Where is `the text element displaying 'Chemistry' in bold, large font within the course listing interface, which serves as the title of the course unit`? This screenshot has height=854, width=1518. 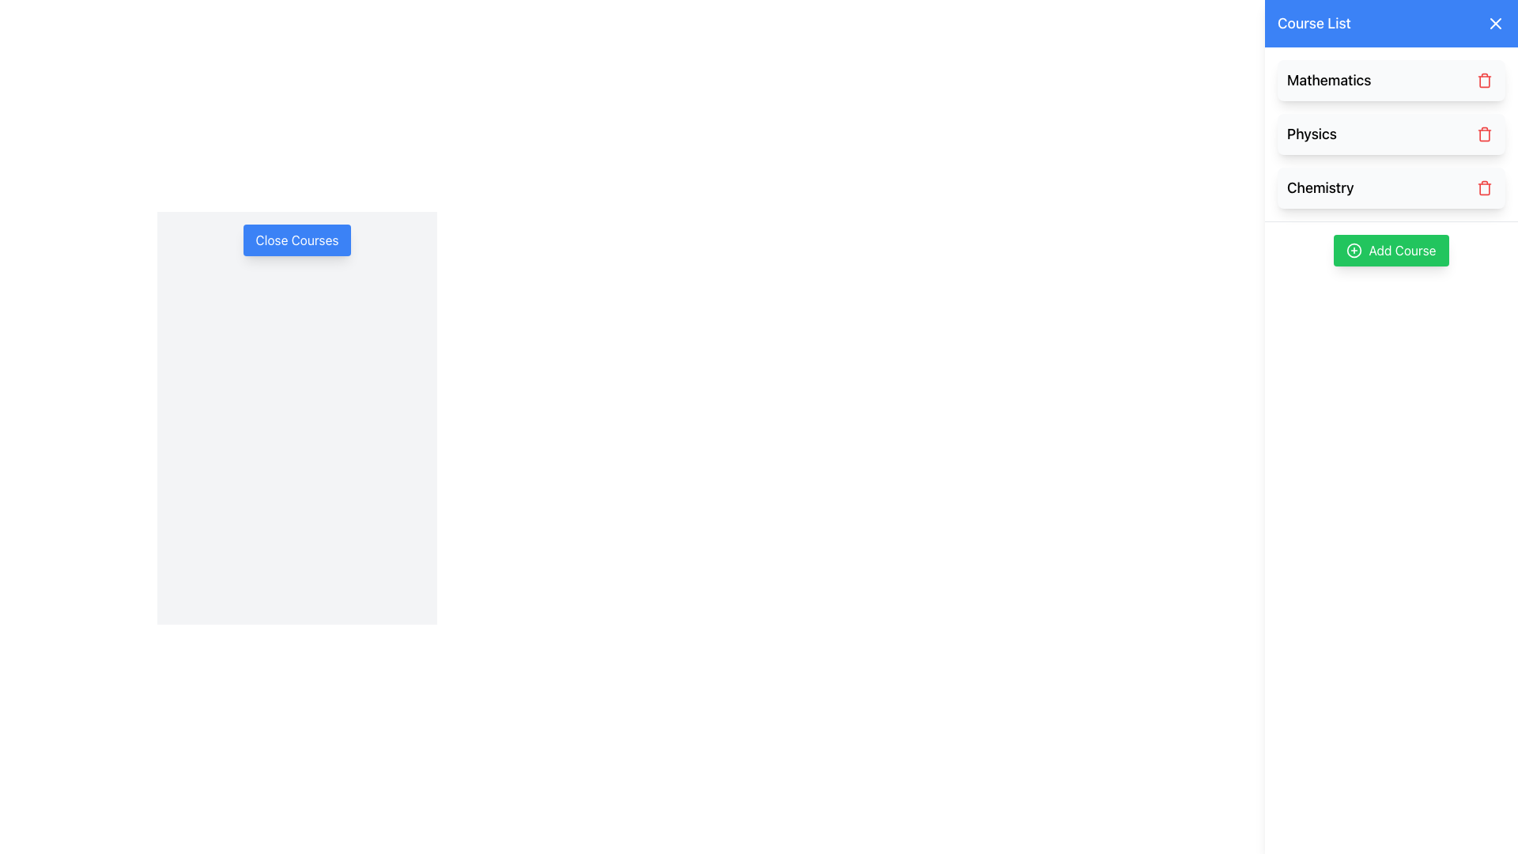 the text element displaying 'Chemistry' in bold, large font within the course listing interface, which serves as the title of the course unit is located at coordinates (1320, 187).